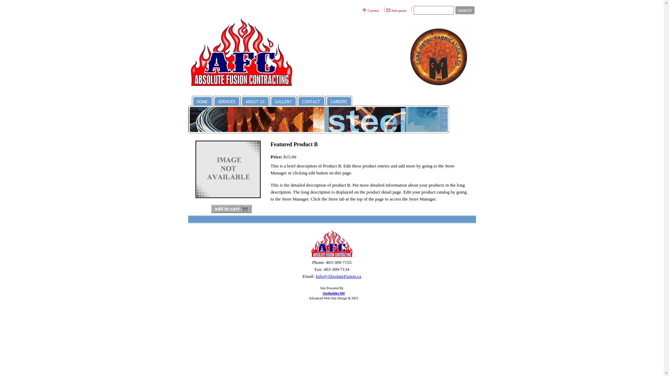 The height and width of the screenshot is (376, 669). What do you see at coordinates (399, 10) in the screenshot?
I see `'free quote'` at bounding box center [399, 10].